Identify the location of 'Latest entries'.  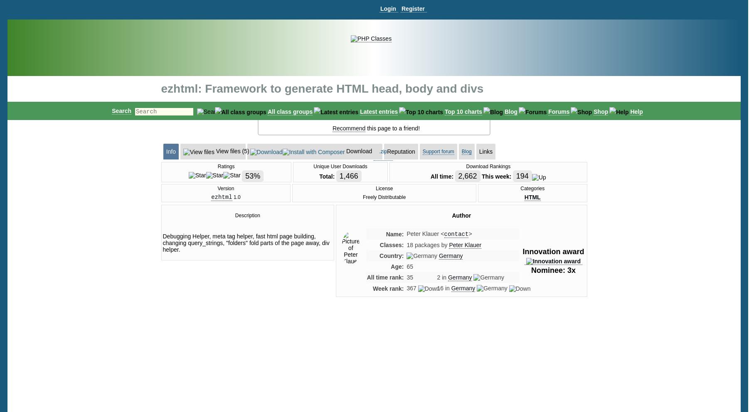
(378, 111).